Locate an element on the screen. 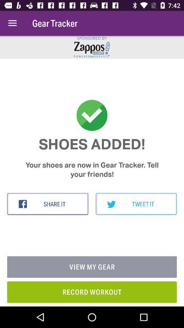 The image size is (184, 328). item next to the gear tracker item is located at coordinates (12, 23).